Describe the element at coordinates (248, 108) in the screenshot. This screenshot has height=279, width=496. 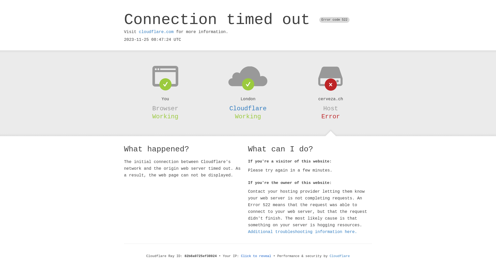
I see `'Cloudflare'` at that location.